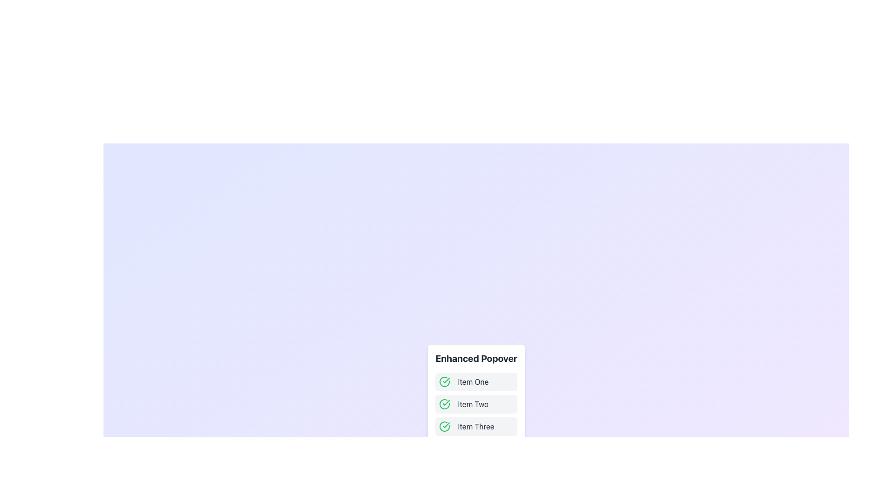 The image size is (895, 503). Describe the element at coordinates (473, 382) in the screenshot. I see `the text label displaying 'Item One' in dark gray font, located within a horizontal arrangement next to a green circular checkmark icon` at that location.